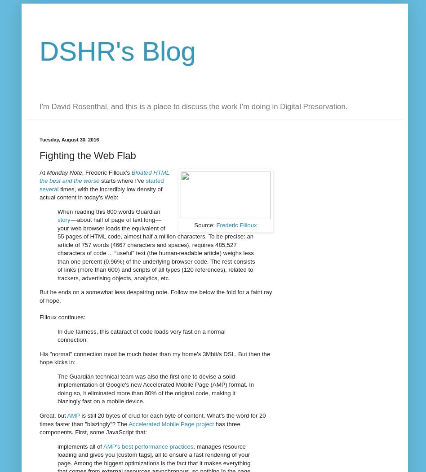 The width and height of the screenshot is (426, 472). What do you see at coordinates (155, 388) in the screenshot?
I see `'The Guardian technical team was also the first one to devise a solid implementation of Google's new Accelerated Mobile Page (AMP) format. In doing so, it eliminated more than 80% of the original code, making it blazingly fast on a mobile device.'` at bounding box center [155, 388].